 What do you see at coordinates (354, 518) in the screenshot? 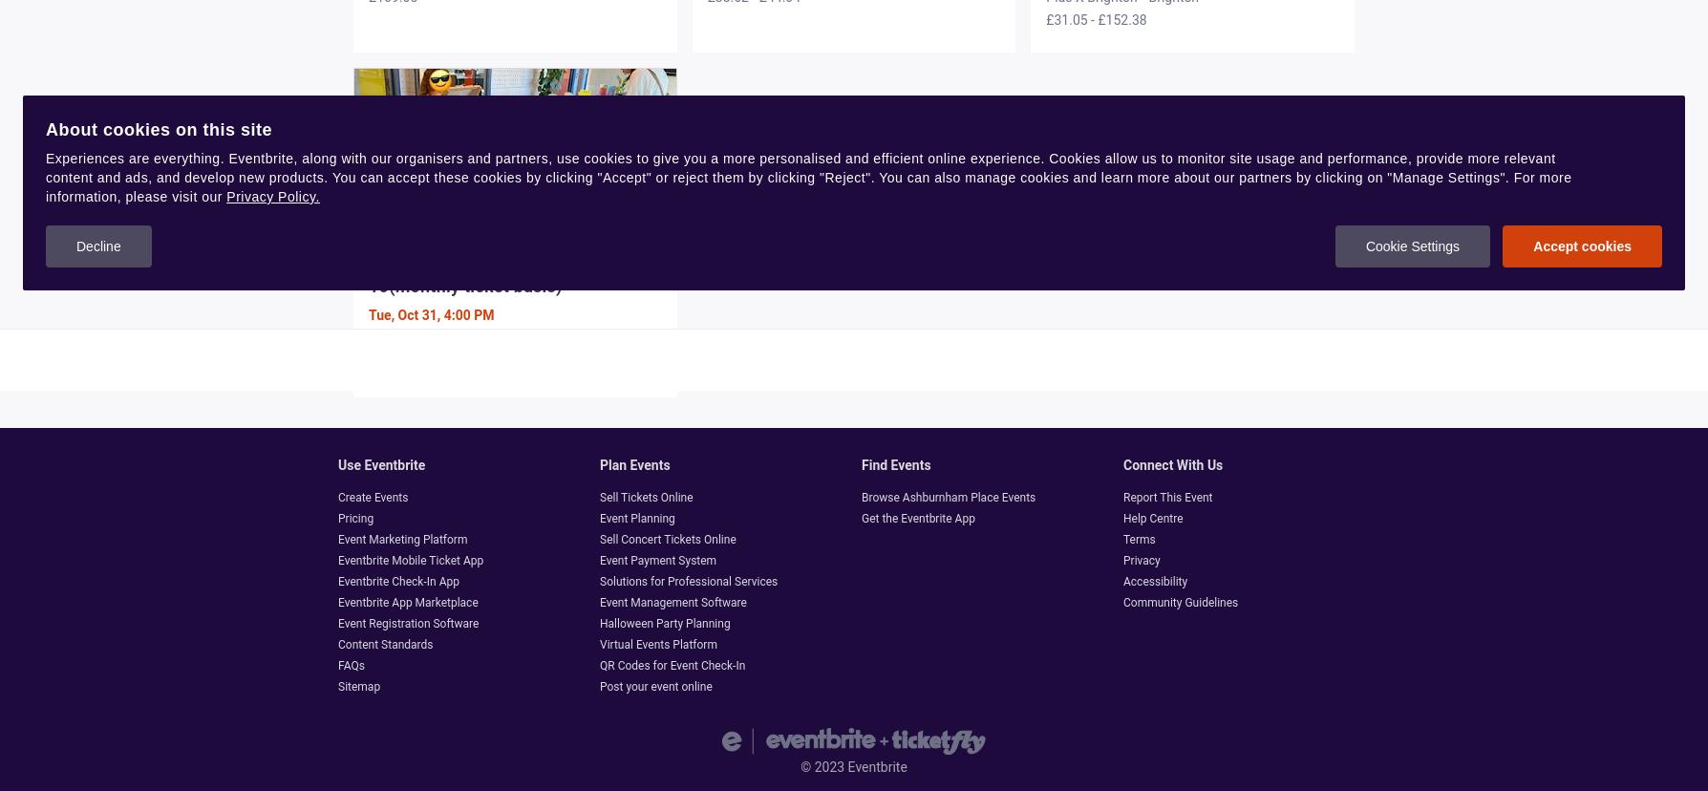
I see `'Pricing'` at bounding box center [354, 518].